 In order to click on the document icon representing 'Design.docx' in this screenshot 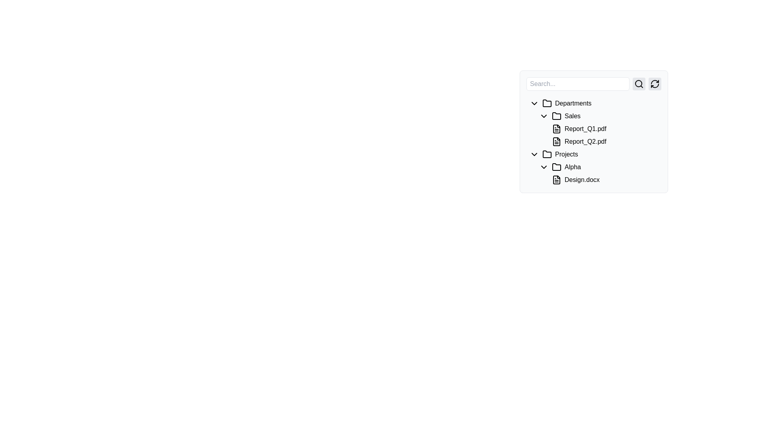, I will do `click(556, 180)`.